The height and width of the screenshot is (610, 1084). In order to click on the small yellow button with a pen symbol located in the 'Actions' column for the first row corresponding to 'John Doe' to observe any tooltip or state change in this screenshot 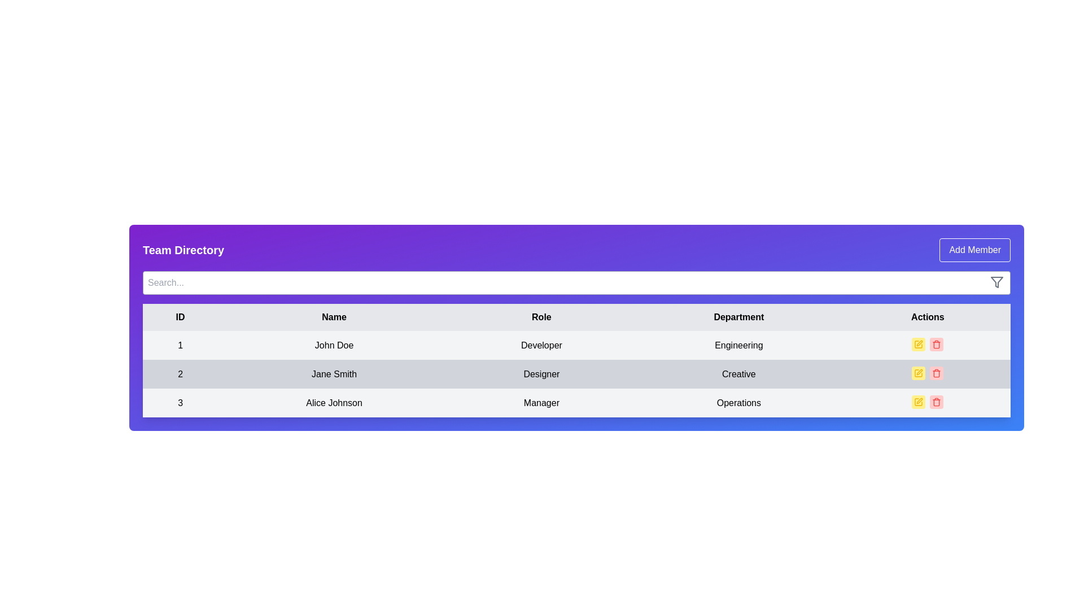, I will do `click(919, 343)`.